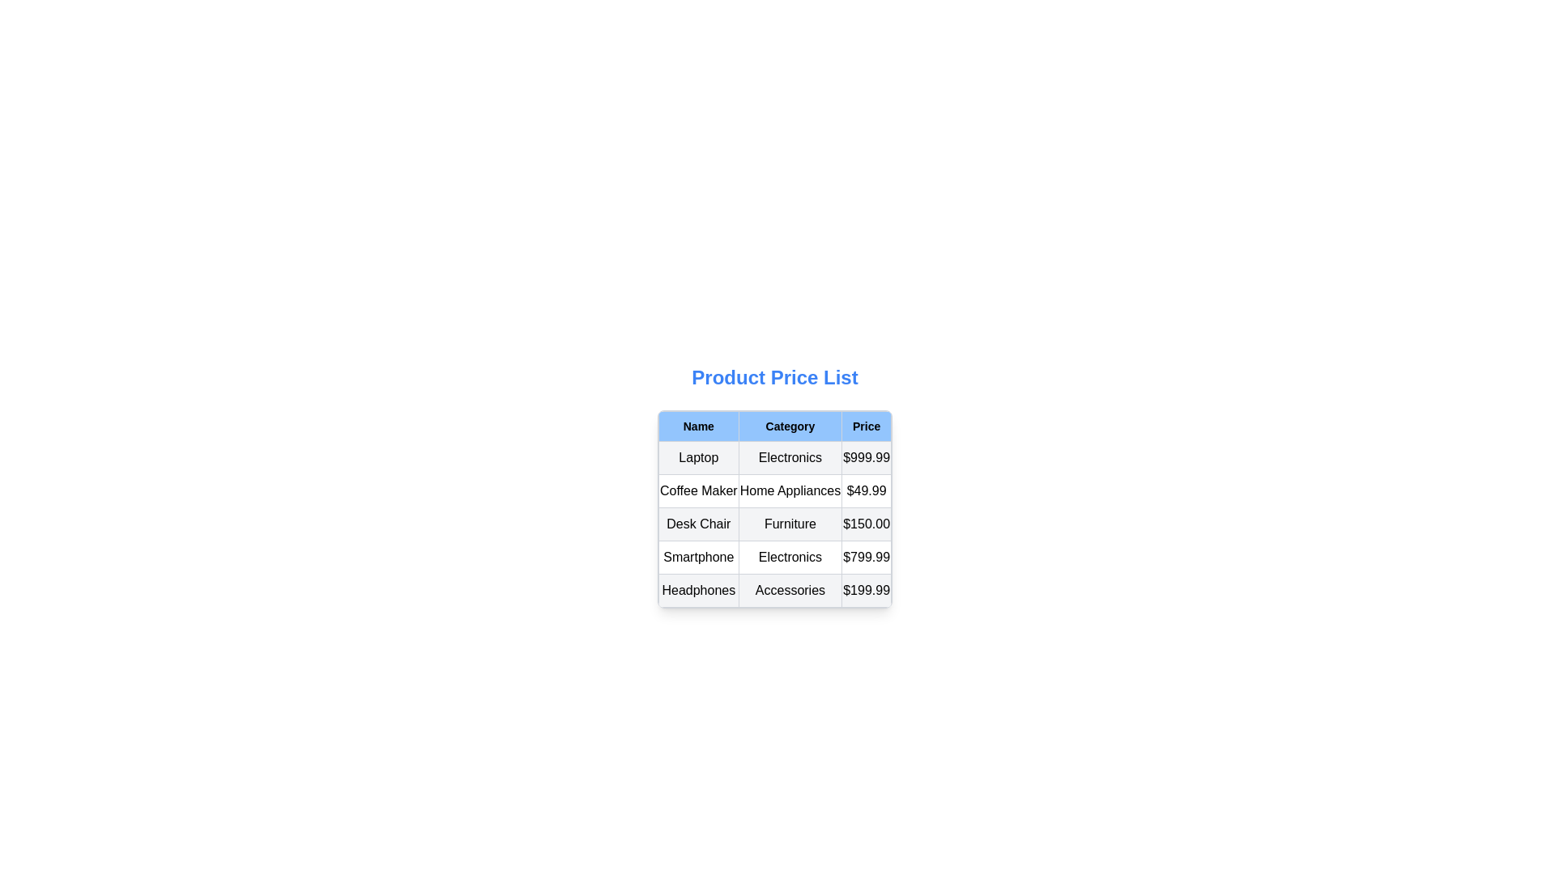 Image resolution: width=1555 pixels, height=874 pixels. Describe the element at coordinates (790, 490) in the screenshot. I see `the text label 'Home Appliances' which is styled with a centered alignment and bordered by a thin gray border within the 'Category' column of the table` at that location.